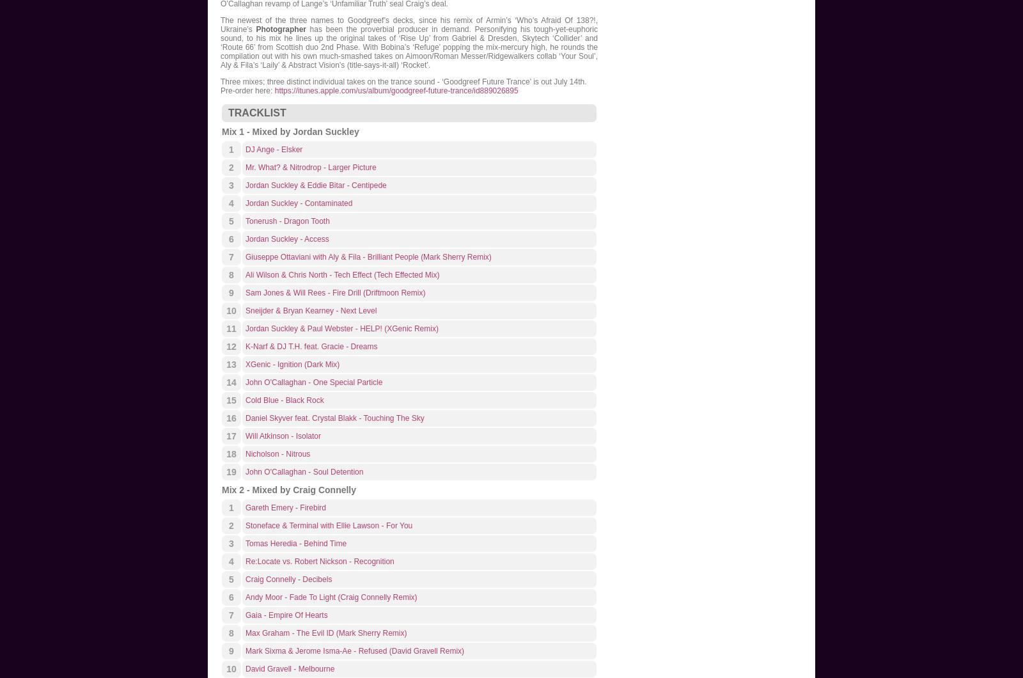 The width and height of the screenshot is (1023, 678). Describe the element at coordinates (231, 436) in the screenshot. I see `'17'` at that location.